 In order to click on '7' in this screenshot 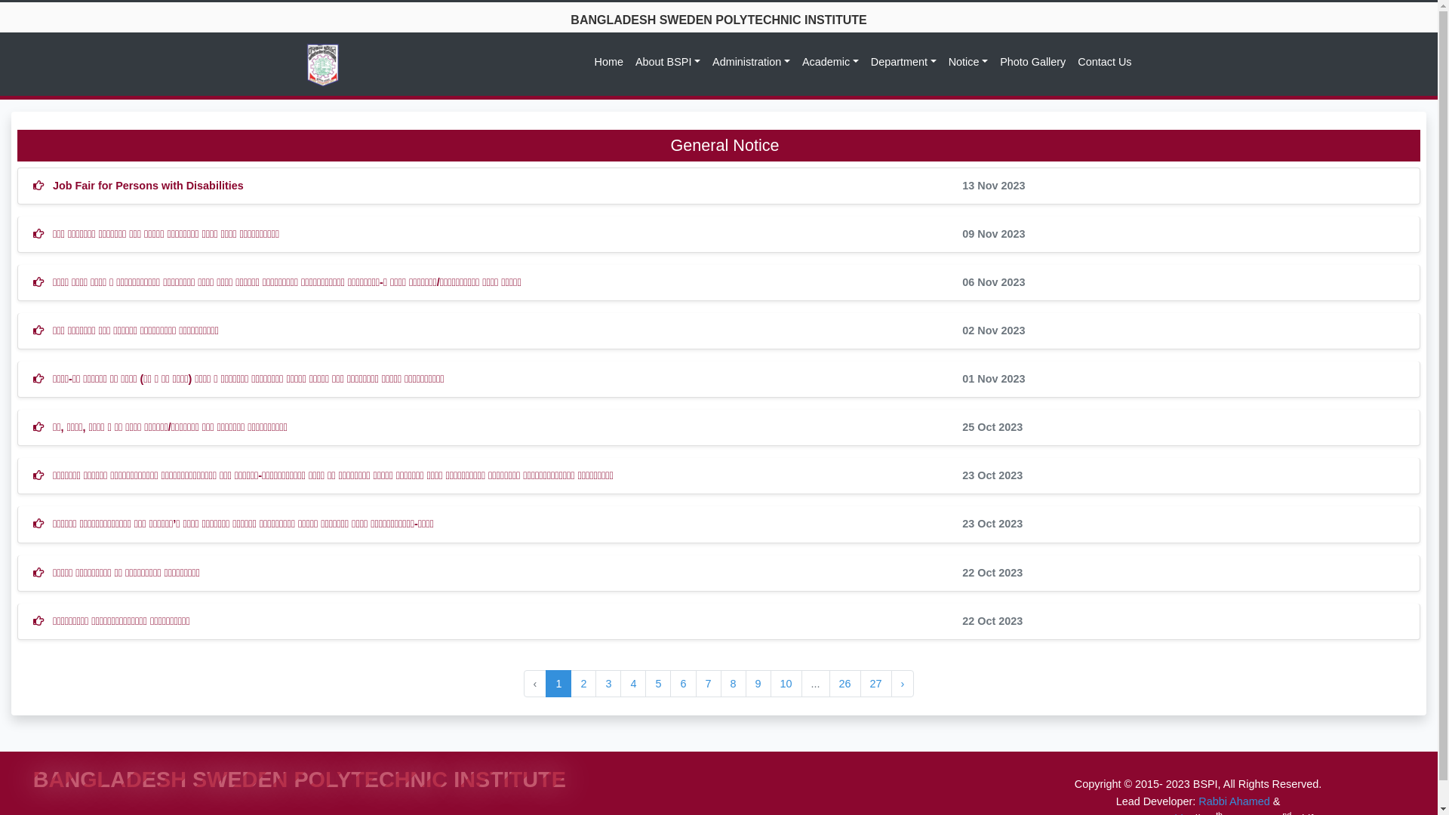, I will do `click(708, 684)`.